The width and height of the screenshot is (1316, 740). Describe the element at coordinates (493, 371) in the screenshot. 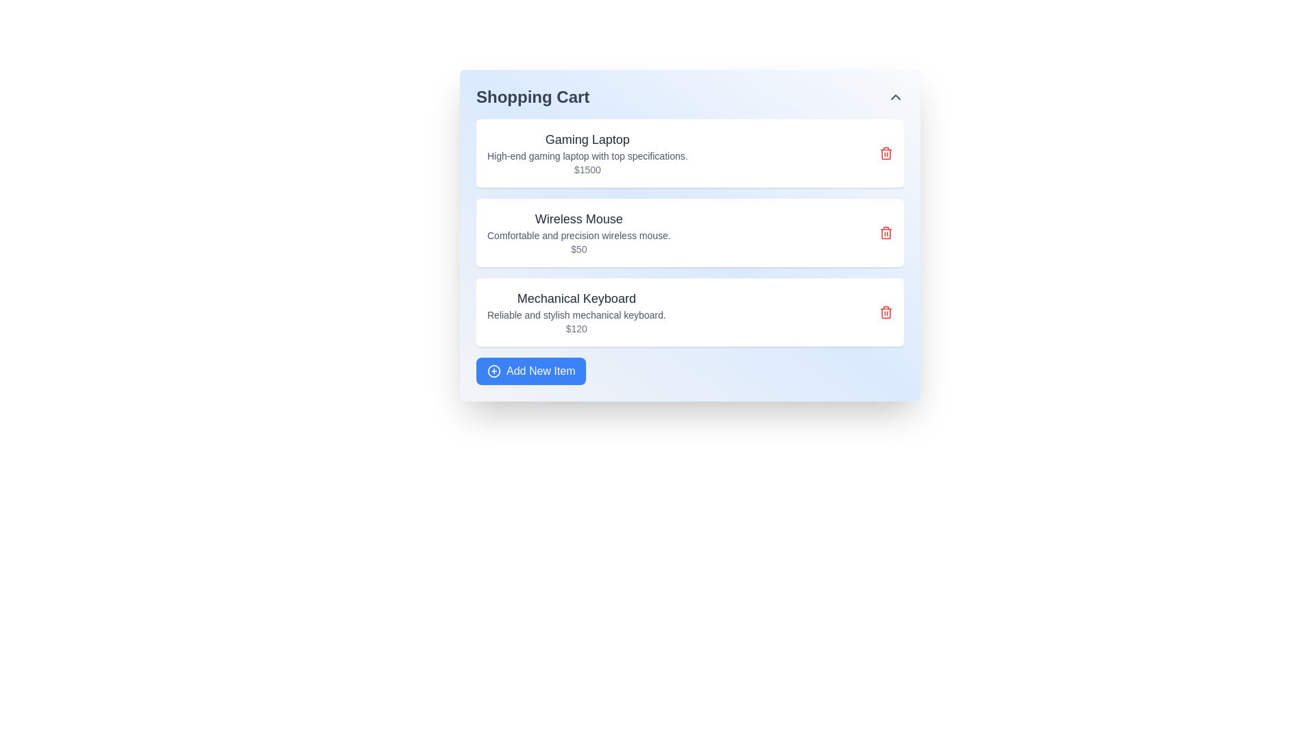

I see `the circular icon with a plus sign, styled as an outline and located within the 'Add New Item' button at the bottom-left corner of the shopping cart interface` at that location.